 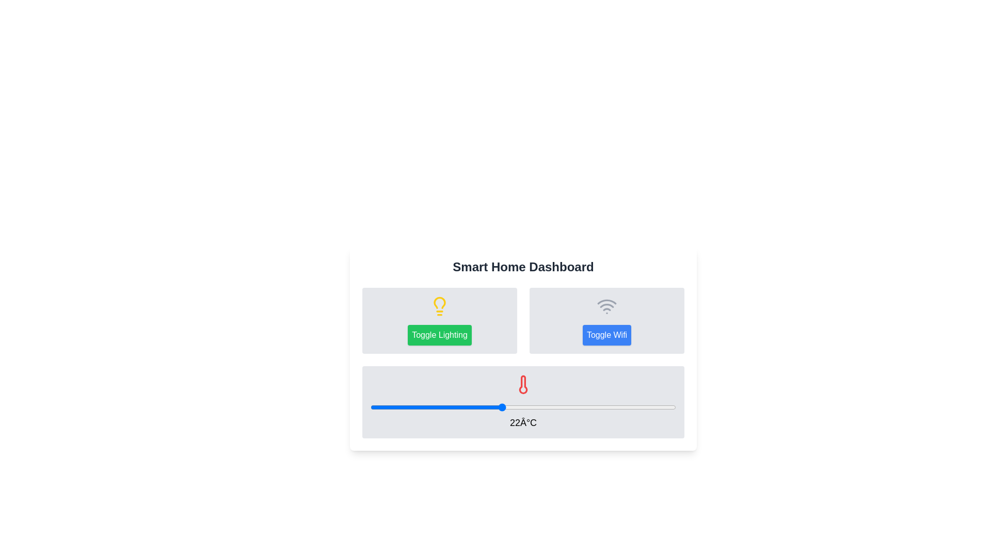 I want to click on the title text element located at the top-center of the card layout for accessibility tools, so click(x=523, y=266).